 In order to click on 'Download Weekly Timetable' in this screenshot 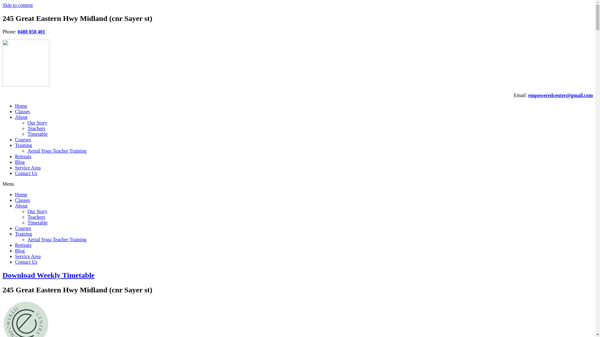, I will do `click(48, 275)`.